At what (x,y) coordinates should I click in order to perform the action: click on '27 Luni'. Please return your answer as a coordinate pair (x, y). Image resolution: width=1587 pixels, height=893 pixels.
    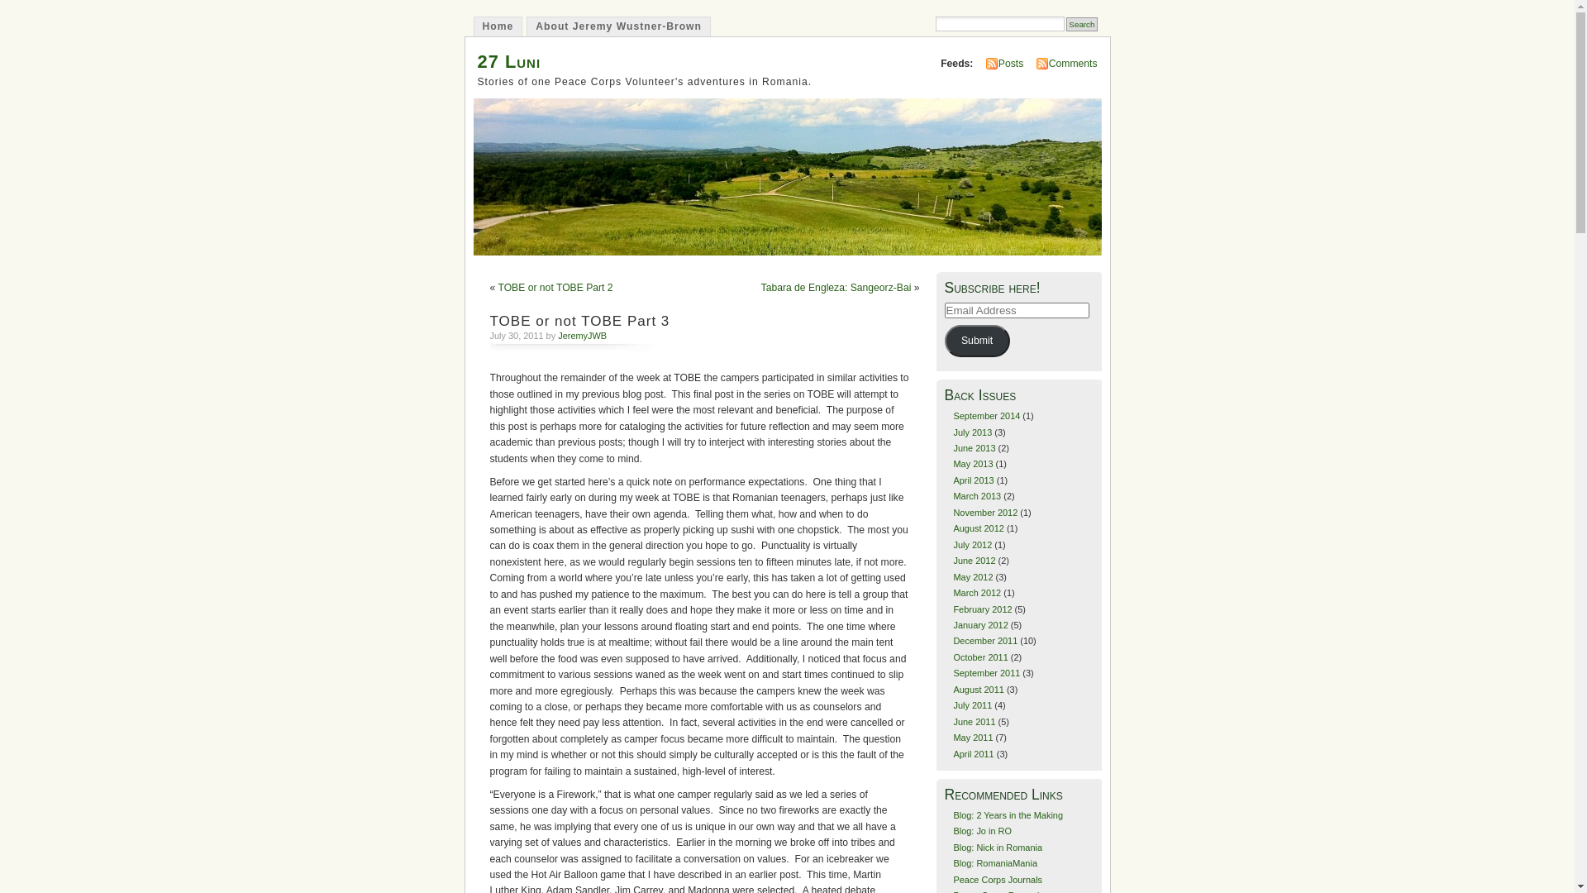
    Looking at the image, I should click on (508, 60).